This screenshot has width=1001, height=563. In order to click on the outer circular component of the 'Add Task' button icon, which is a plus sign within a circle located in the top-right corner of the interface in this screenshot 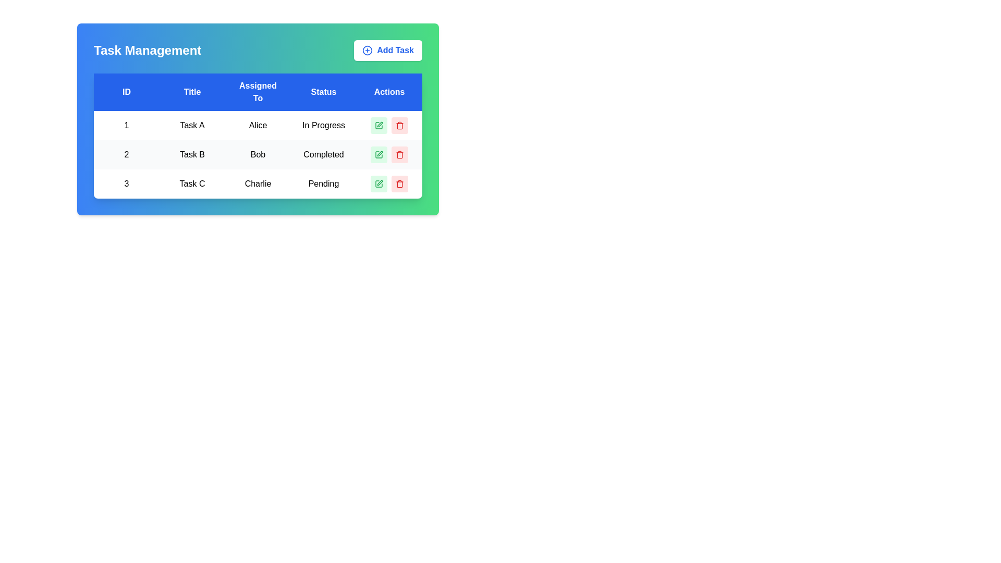, I will do `click(368, 50)`.